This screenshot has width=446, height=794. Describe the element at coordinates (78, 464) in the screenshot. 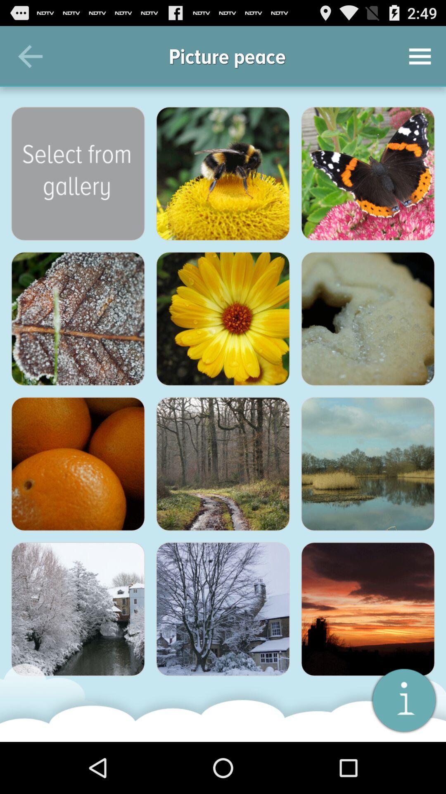

I see `loads photo` at that location.